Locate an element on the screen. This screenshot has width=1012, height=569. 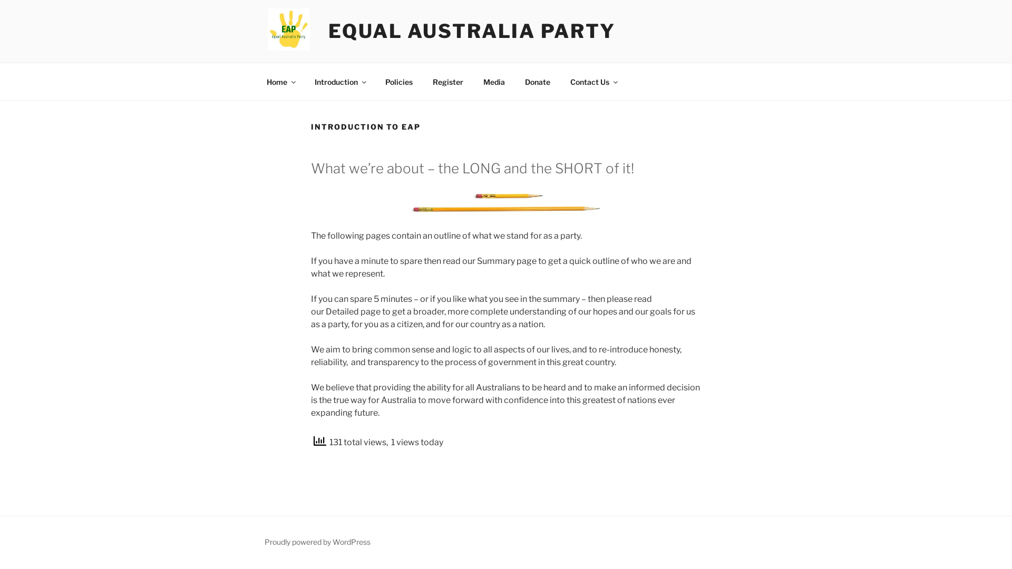
'Proudly powered by WordPress' is located at coordinates (265, 542).